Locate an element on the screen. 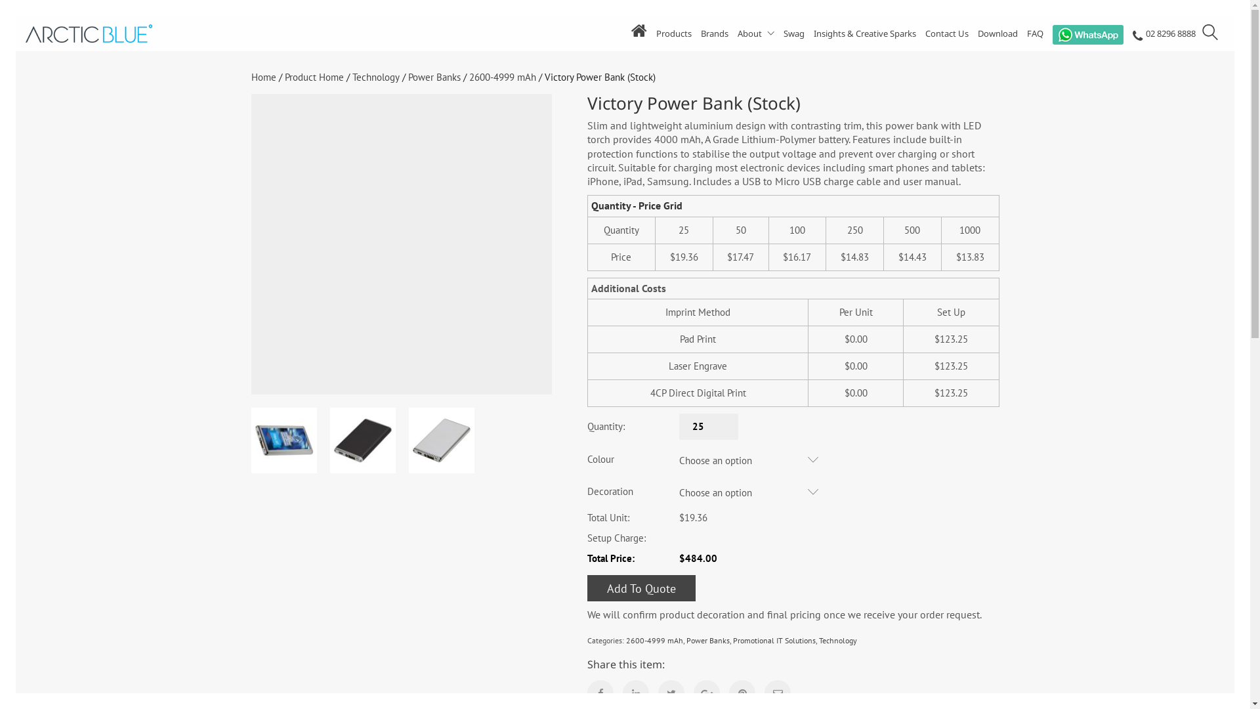 The image size is (1260, 709). 'Add To Quote' is located at coordinates (641, 587).